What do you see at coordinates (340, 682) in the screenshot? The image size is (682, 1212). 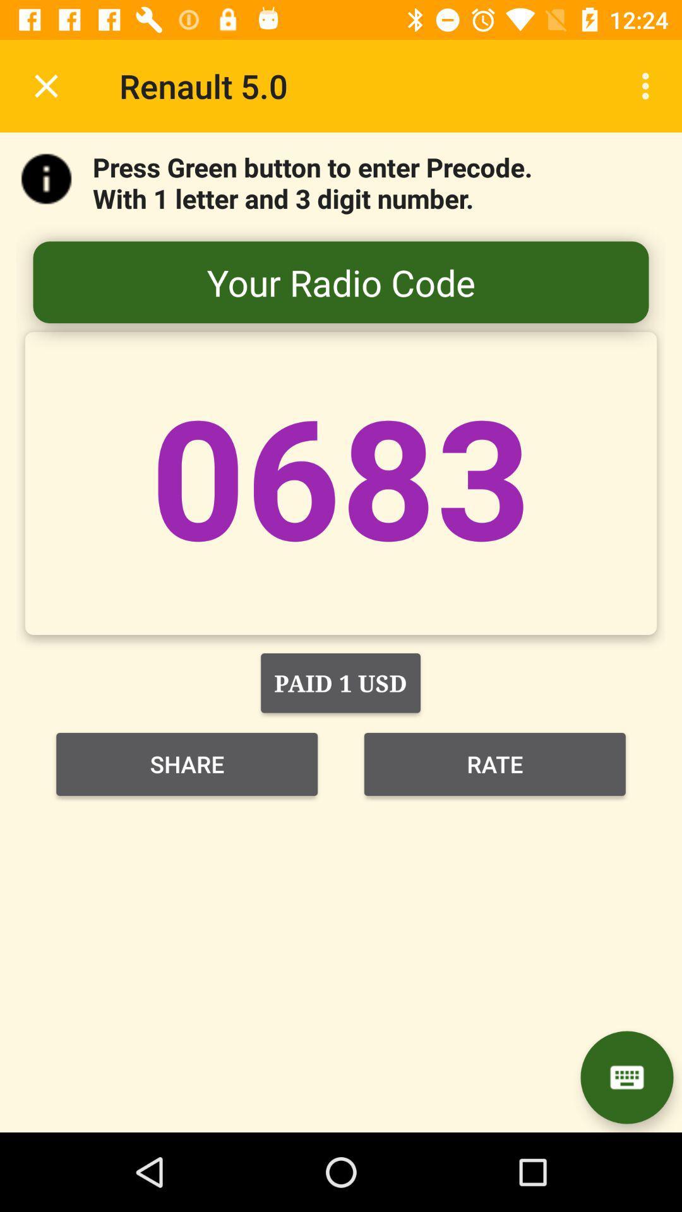 I see `paid 1 usd item` at bounding box center [340, 682].